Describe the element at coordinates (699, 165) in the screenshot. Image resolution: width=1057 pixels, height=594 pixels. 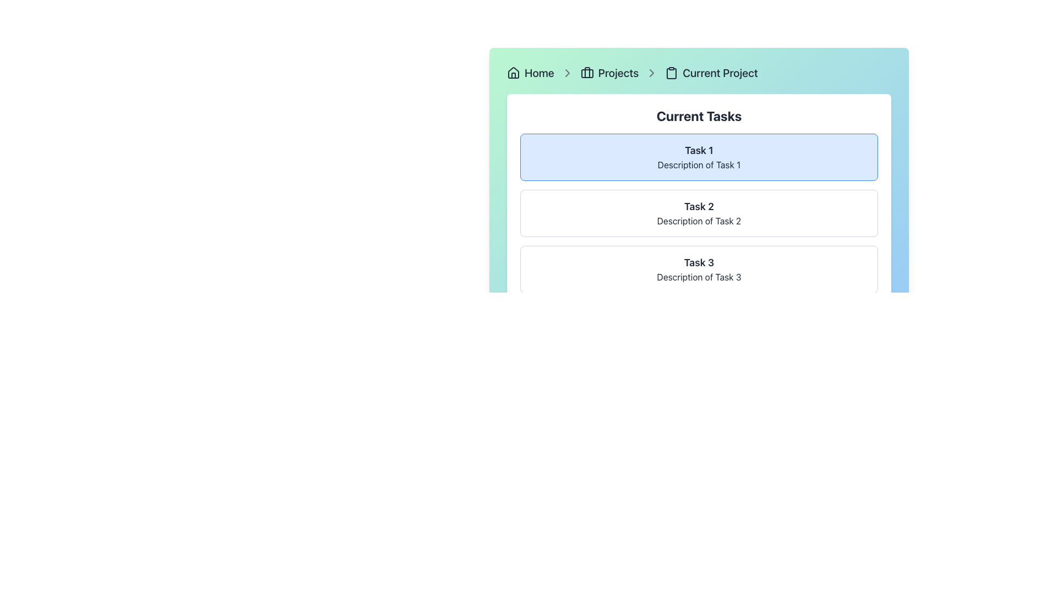
I see `the static text reading 'Description of Task 1' located within the blue box of the 'Task 1' card, positioned directly beneath the 'Task 1' header` at that location.